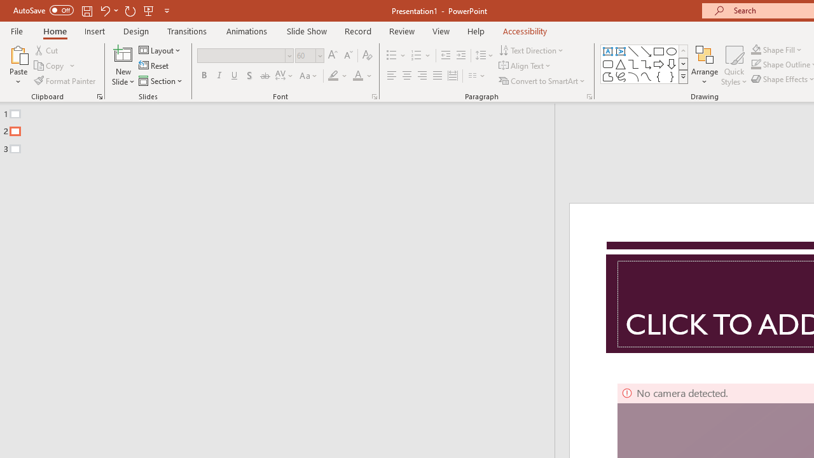  I want to click on 'Shapes', so click(682, 76).